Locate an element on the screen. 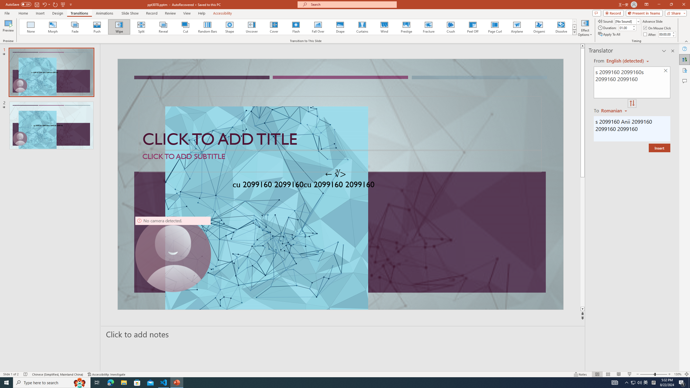 The height and width of the screenshot is (388, 690). 'Camera 9, No camera detected.' is located at coordinates (172, 254).